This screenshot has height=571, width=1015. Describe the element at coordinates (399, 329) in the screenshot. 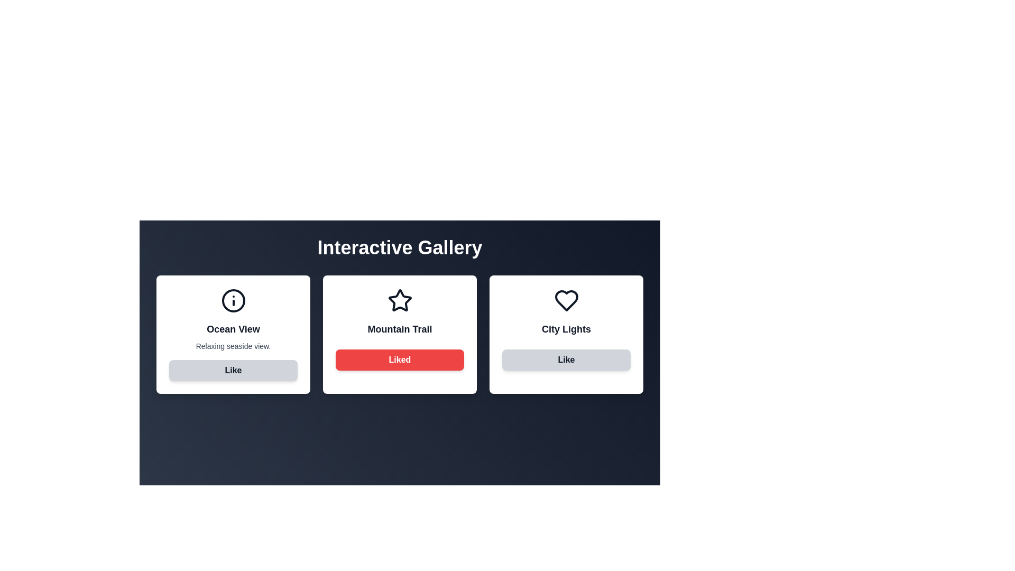

I see `the text label 'Mountain Trail'` at that location.